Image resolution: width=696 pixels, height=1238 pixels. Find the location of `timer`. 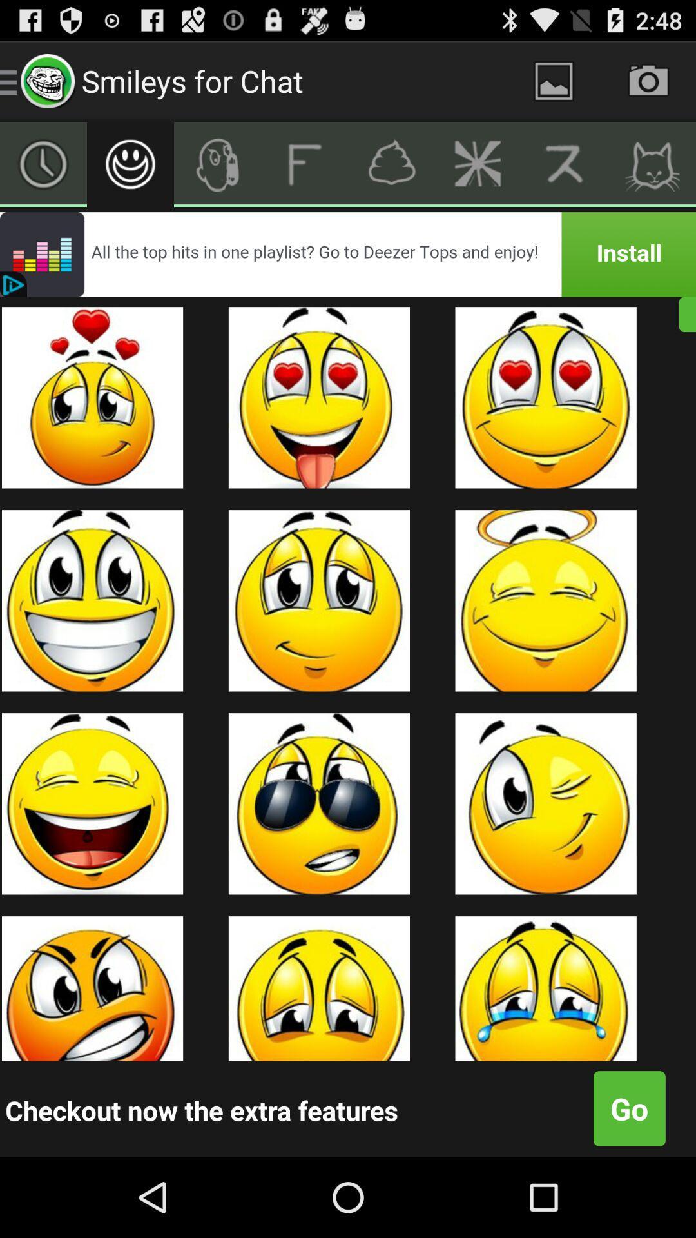

timer is located at coordinates (43, 163).